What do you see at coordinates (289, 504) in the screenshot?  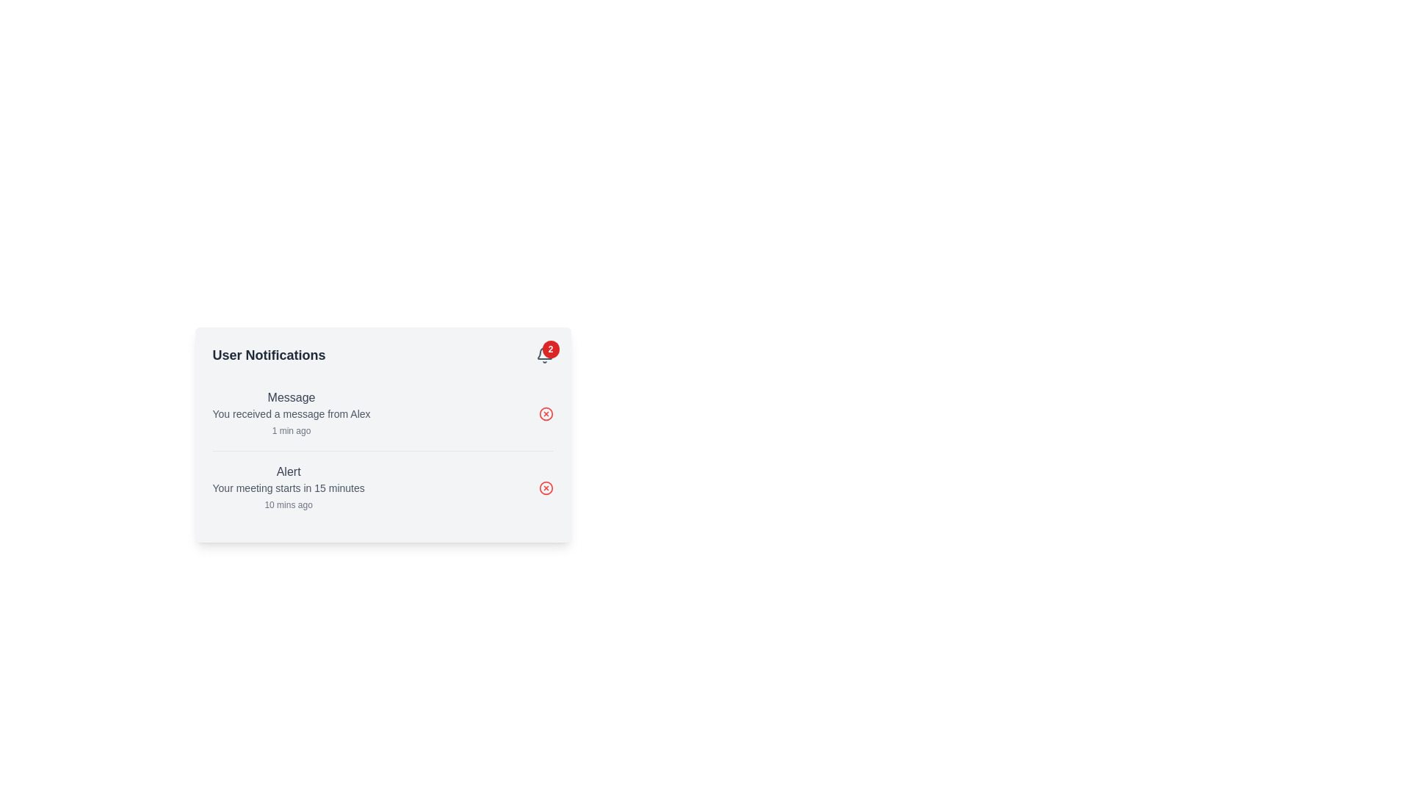 I see `the text label displaying '10 mins ago', which is a small gray text label positioned below the notification titled 'Alert'` at bounding box center [289, 504].